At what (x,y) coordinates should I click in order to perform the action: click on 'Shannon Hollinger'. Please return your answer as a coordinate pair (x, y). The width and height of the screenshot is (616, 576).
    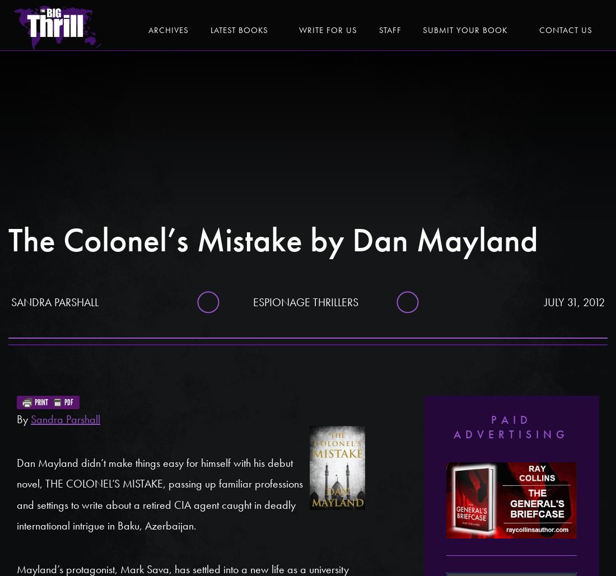
    Looking at the image, I should click on (511, 125).